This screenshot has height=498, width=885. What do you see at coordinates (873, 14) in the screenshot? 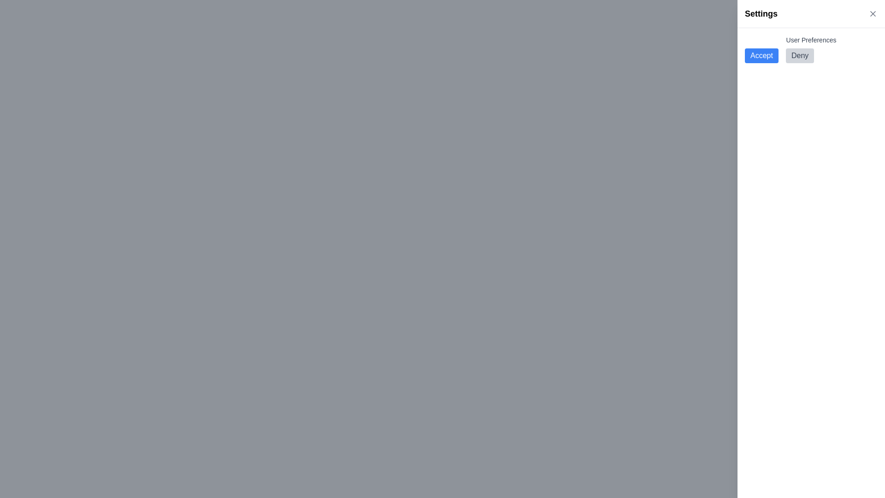
I see `the close button located at the far right of the 'Settings' header section` at bounding box center [873, 14].